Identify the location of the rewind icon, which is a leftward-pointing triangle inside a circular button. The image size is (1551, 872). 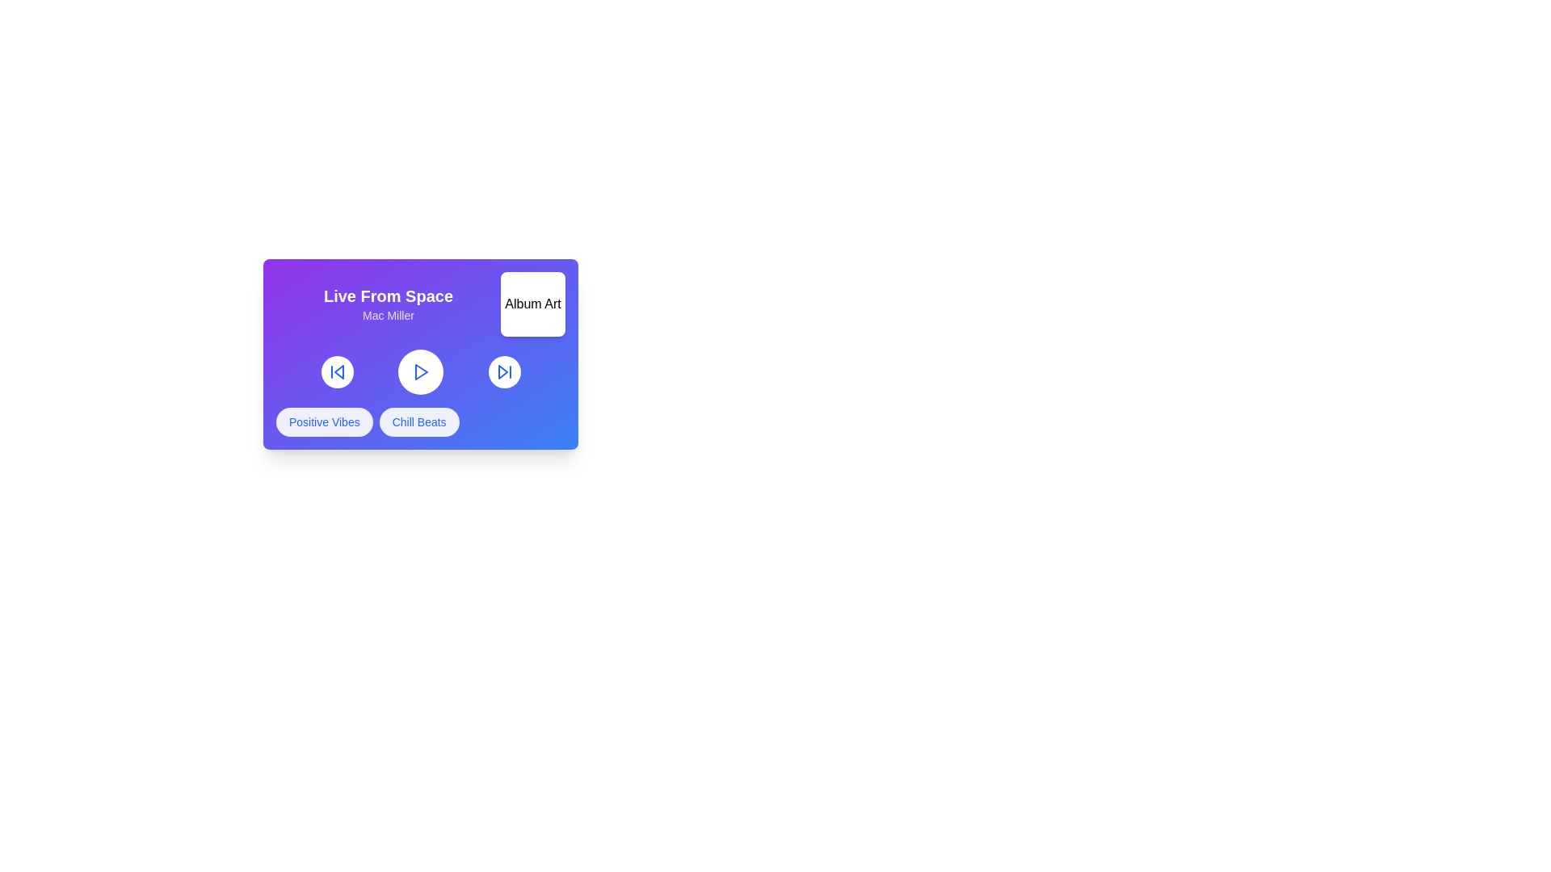
(338, 372).